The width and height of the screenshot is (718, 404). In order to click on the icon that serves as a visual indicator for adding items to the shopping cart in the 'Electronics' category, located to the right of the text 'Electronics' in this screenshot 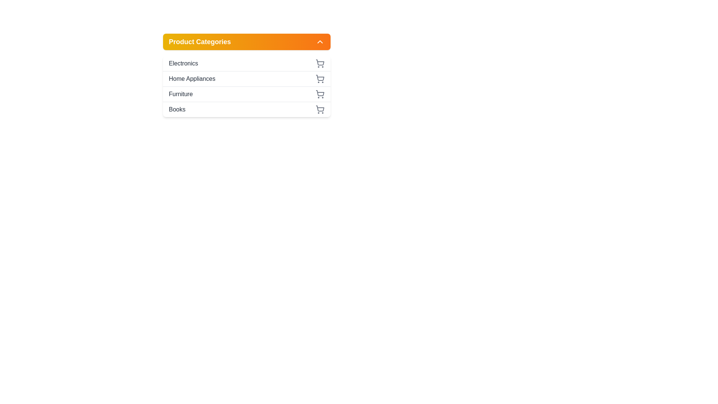, I will do `click(320, 63)`.